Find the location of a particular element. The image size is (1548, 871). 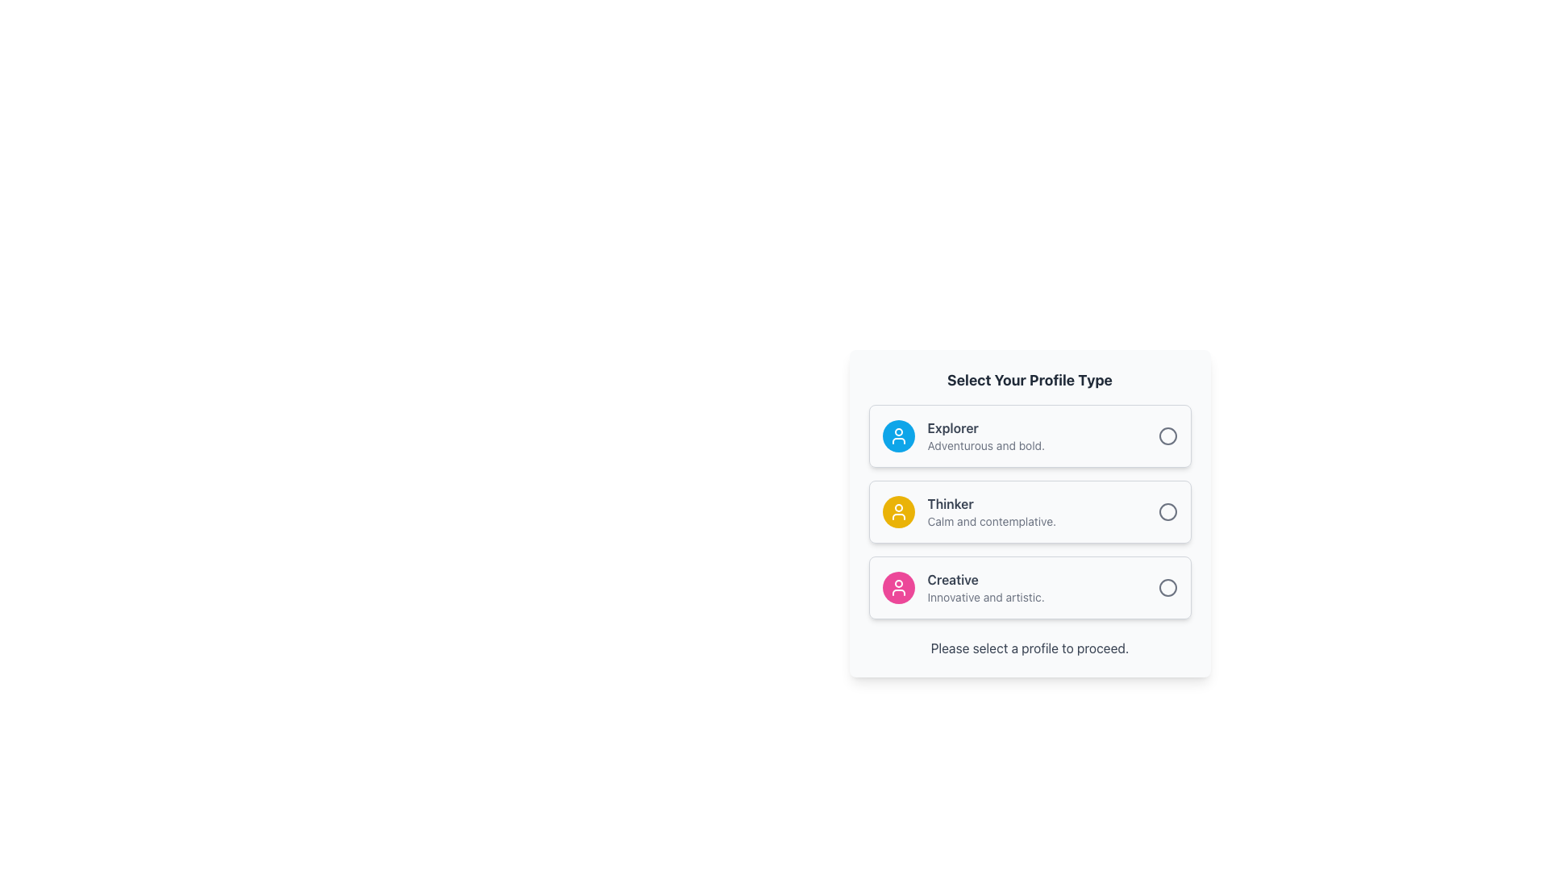

the circular icon with a gray border at the top-right corner of the 'Creative' profile selection card is located at coordinates (1167, 588).